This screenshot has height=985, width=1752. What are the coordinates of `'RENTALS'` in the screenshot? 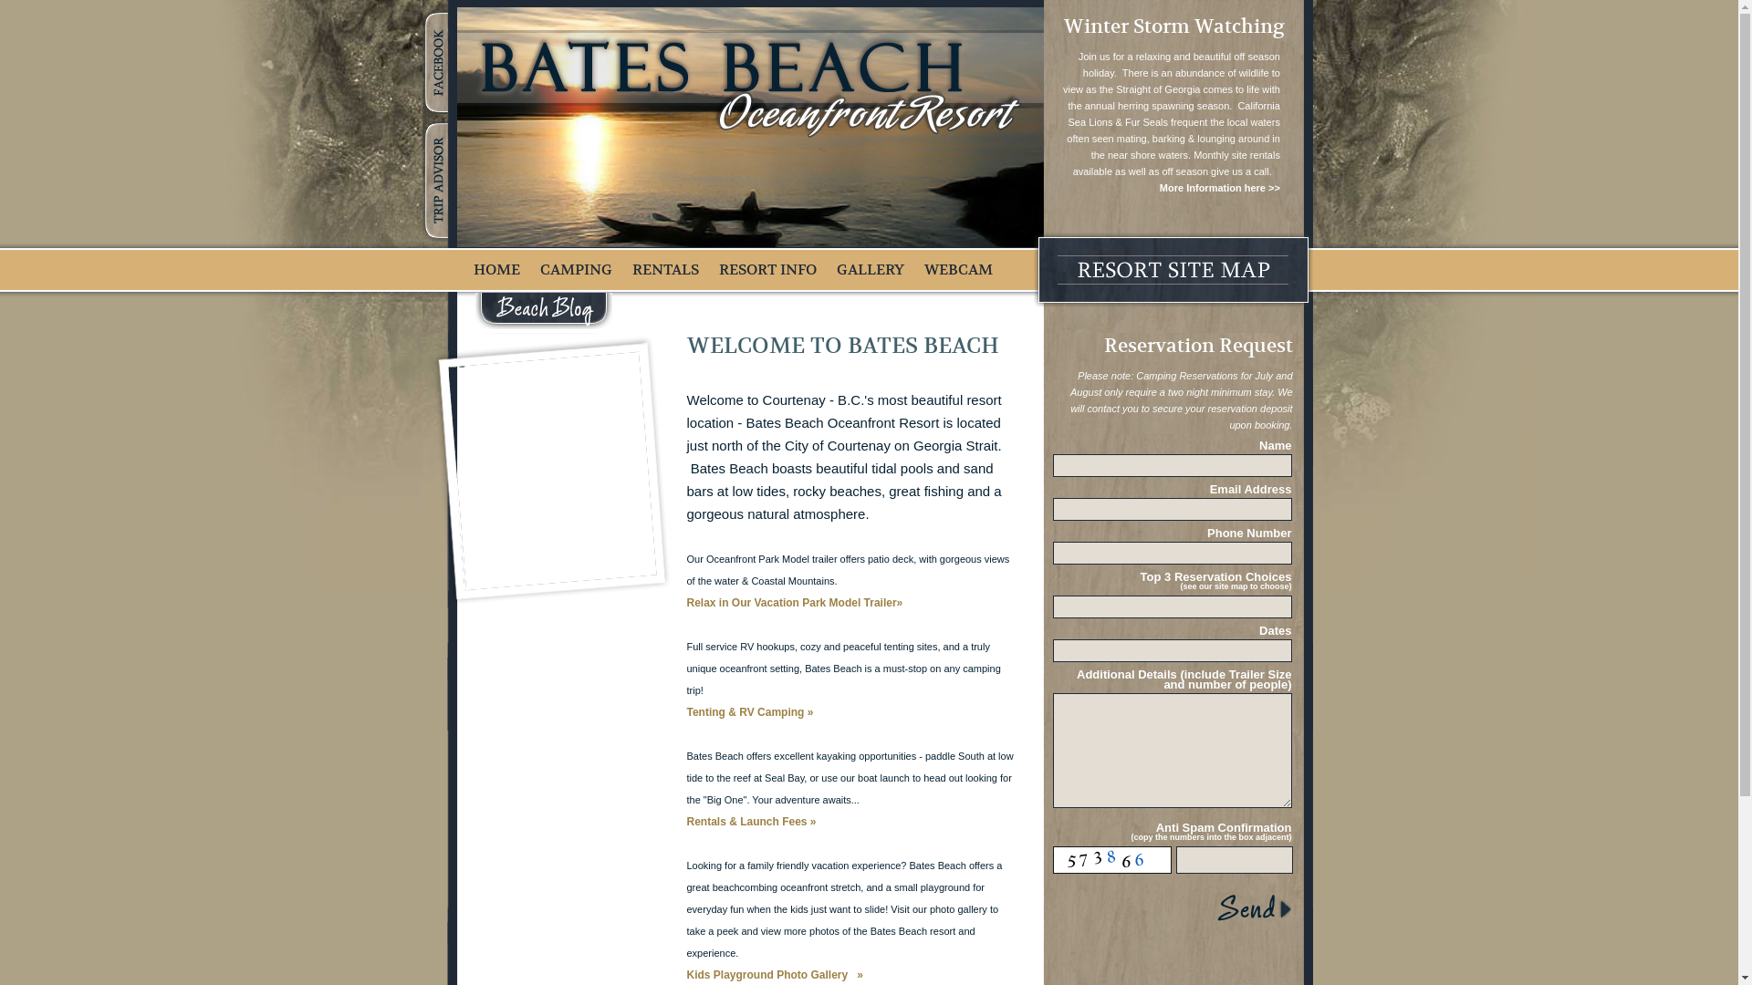 It's located at (663, 270).